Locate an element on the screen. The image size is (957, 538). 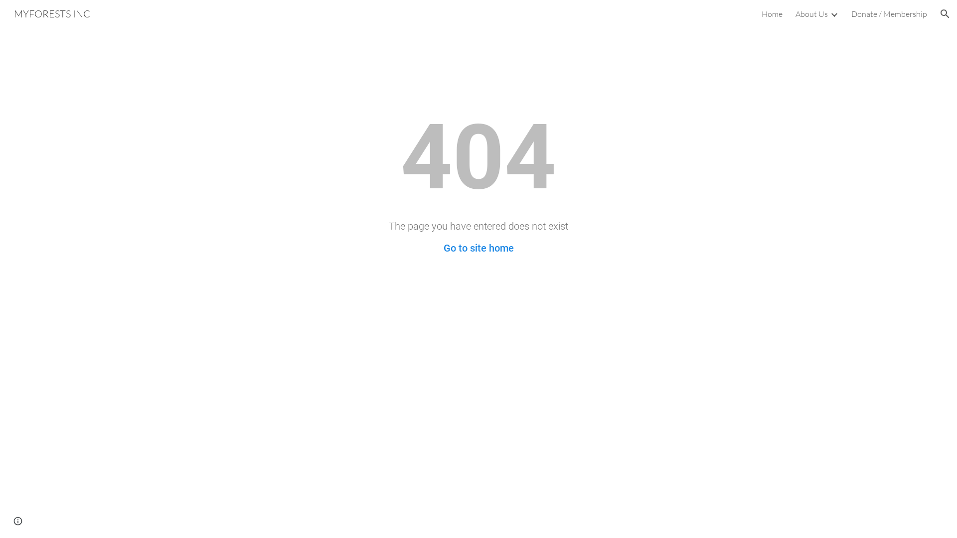
'Go to site home' is located at coordinates (478, 247).